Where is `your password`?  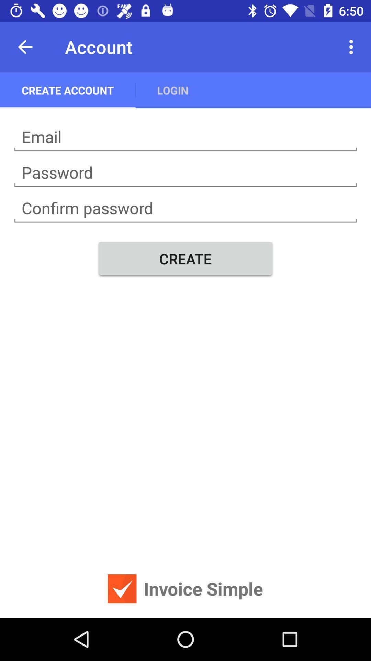
your password is located at coordinates (185, 172).